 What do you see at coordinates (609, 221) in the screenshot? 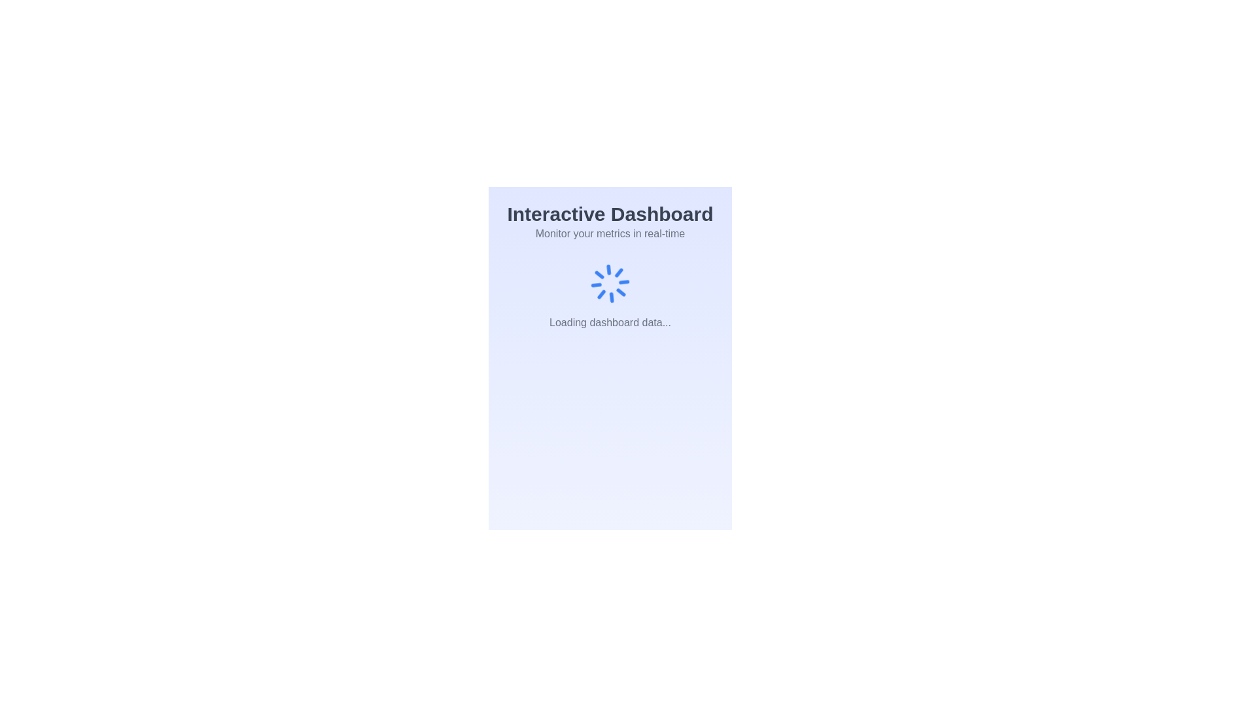
I see `header text that introduces and emphasizes the purpose of the interactive dashboard, which is located at the top-center of the interface` at bounding box center [609, 221].